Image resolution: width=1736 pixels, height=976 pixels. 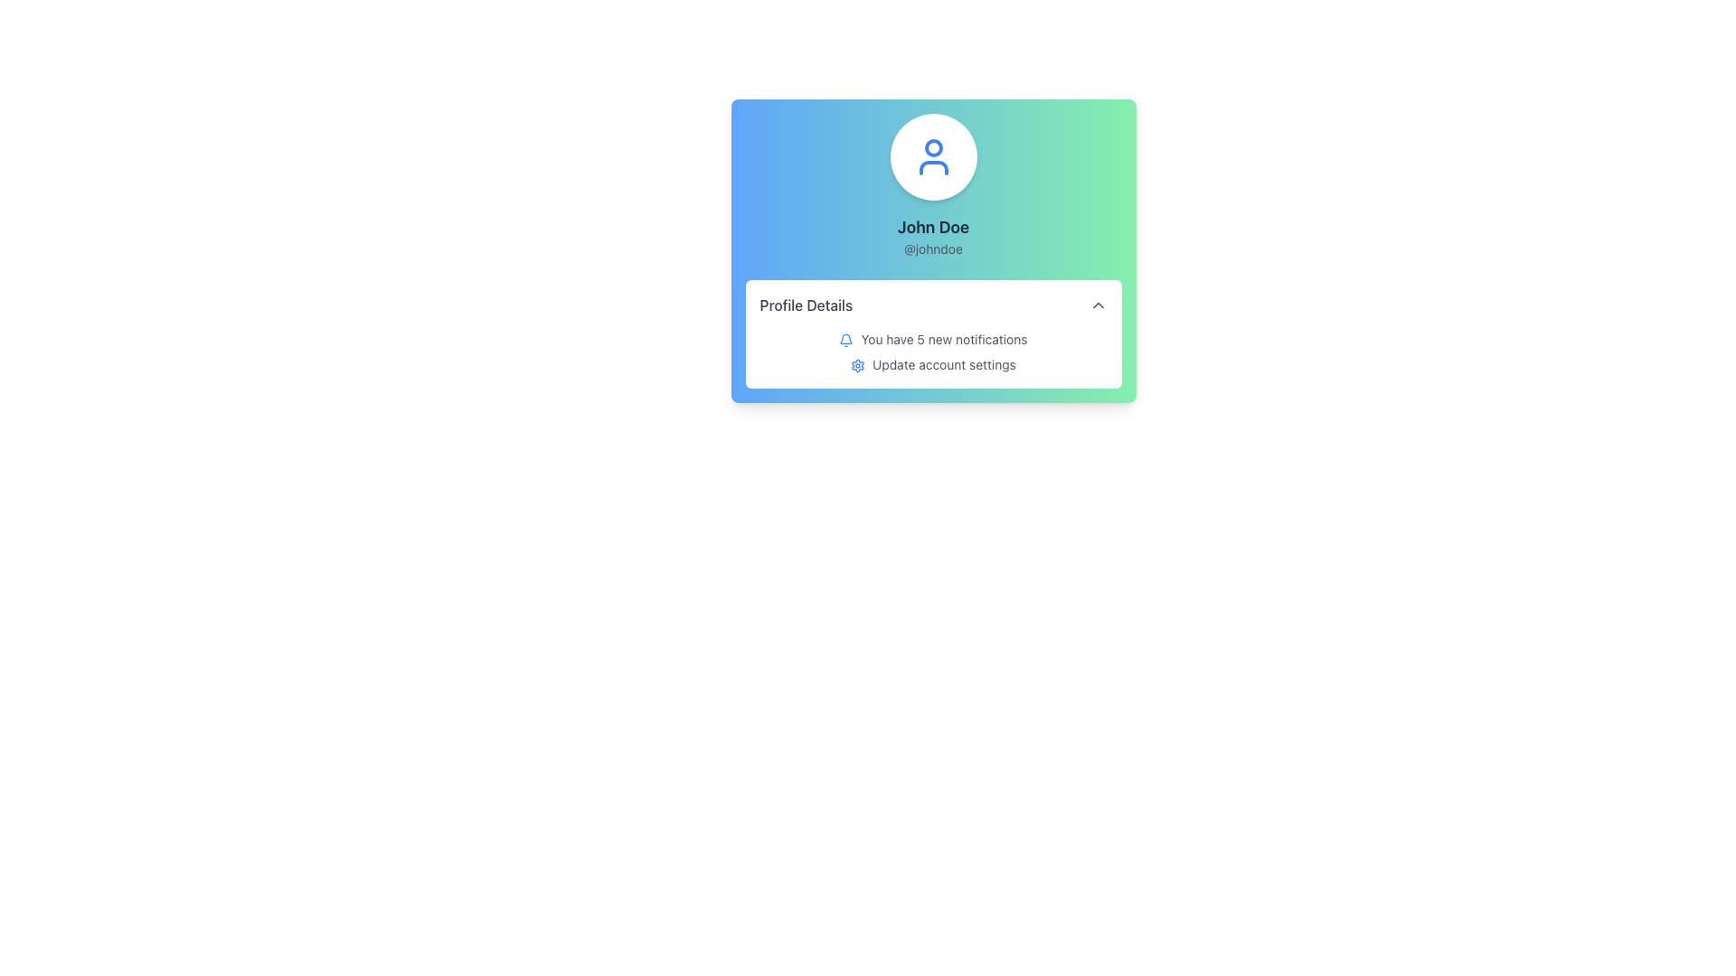 I want to click on the circular profile icon featuring a blue user silhouette, located at the top center of the card with a gradient background, so click(x=933, y=155).